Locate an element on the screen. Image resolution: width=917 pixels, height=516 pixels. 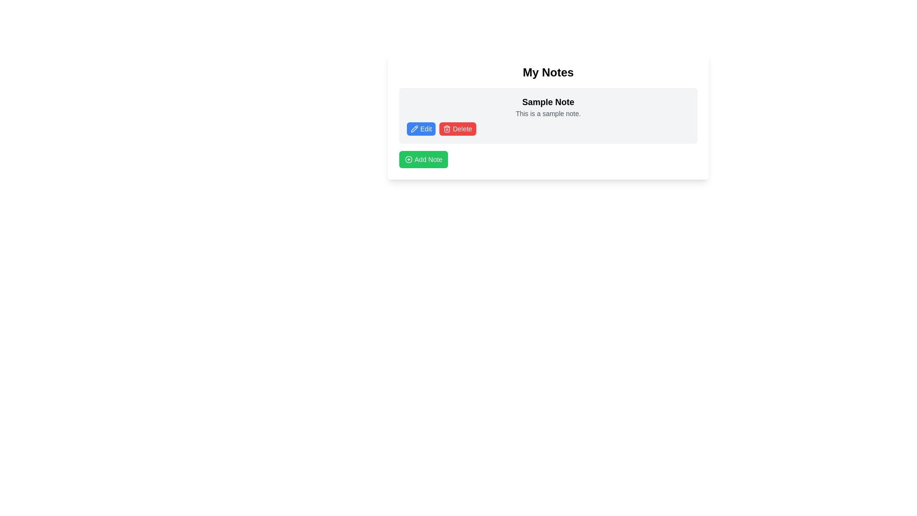
the Text header that serves as a title for user notes, located at the top of a white background card is located at coordinates (548, 72).